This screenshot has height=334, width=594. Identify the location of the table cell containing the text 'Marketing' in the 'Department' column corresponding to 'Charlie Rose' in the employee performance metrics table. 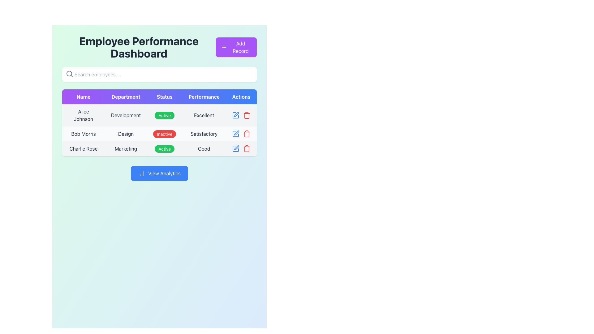
(126, 149).